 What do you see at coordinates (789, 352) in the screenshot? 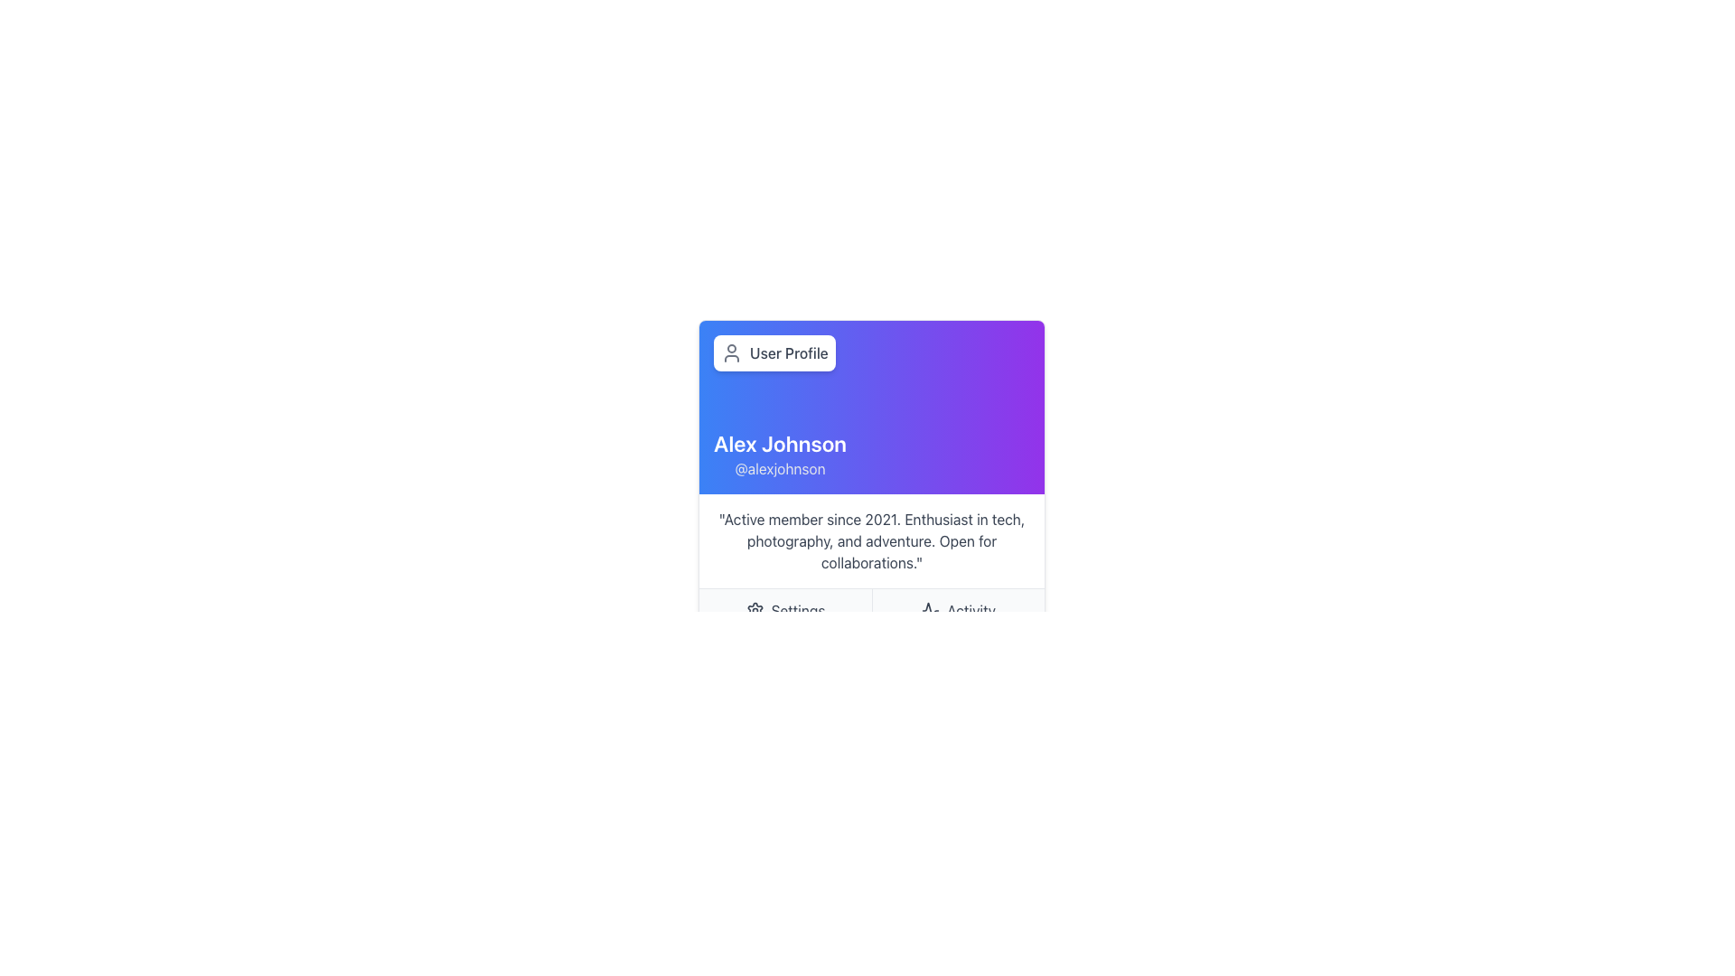
I see `the text label indicating the user's profile section, located next to the user icon in the upper-left corner of the user profile section` at bounding box center [789, 352].